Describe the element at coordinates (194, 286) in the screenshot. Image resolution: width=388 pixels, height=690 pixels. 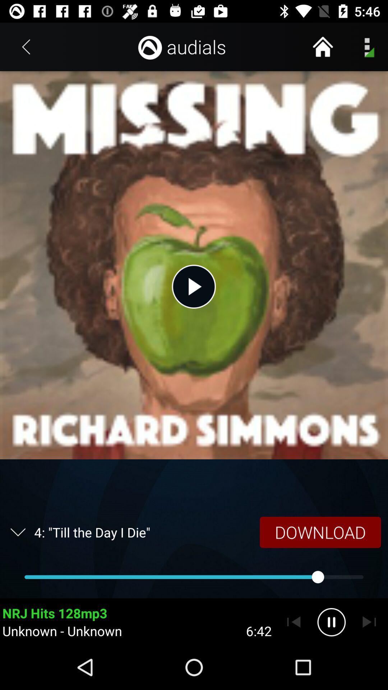
I see `the play icon` at that location.